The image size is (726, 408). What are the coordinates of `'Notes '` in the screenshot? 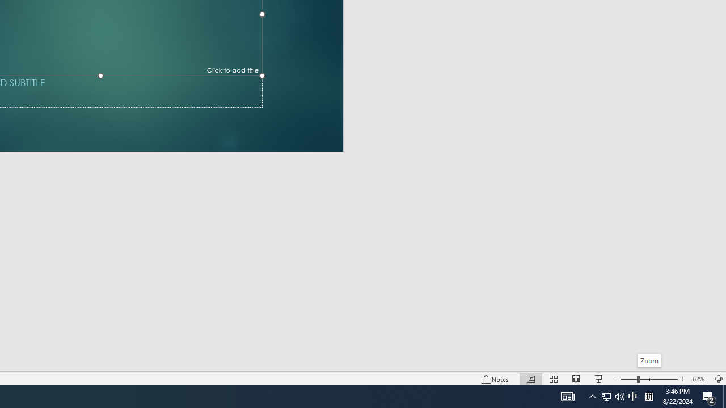 It's located at (496, 379).